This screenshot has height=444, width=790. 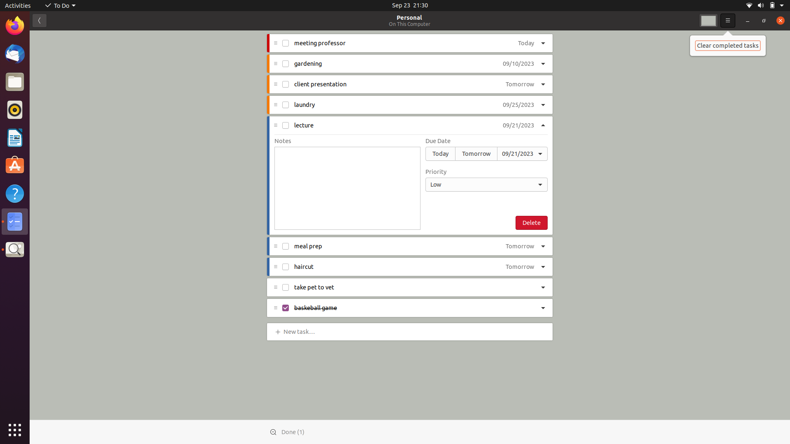 I want to click on Change "meeting professor" date to next month, so click(x=523, y=44).